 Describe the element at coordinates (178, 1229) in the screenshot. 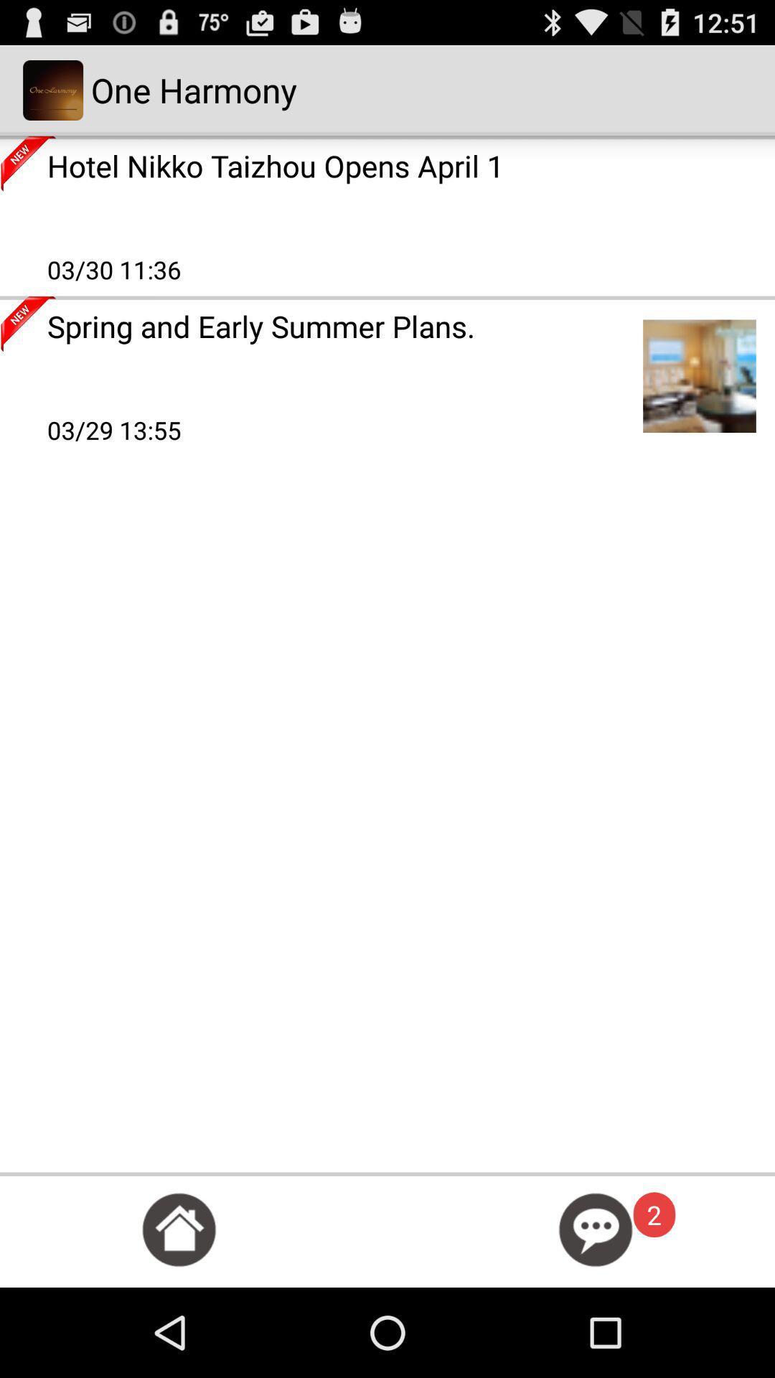

I see `go home` at that location.